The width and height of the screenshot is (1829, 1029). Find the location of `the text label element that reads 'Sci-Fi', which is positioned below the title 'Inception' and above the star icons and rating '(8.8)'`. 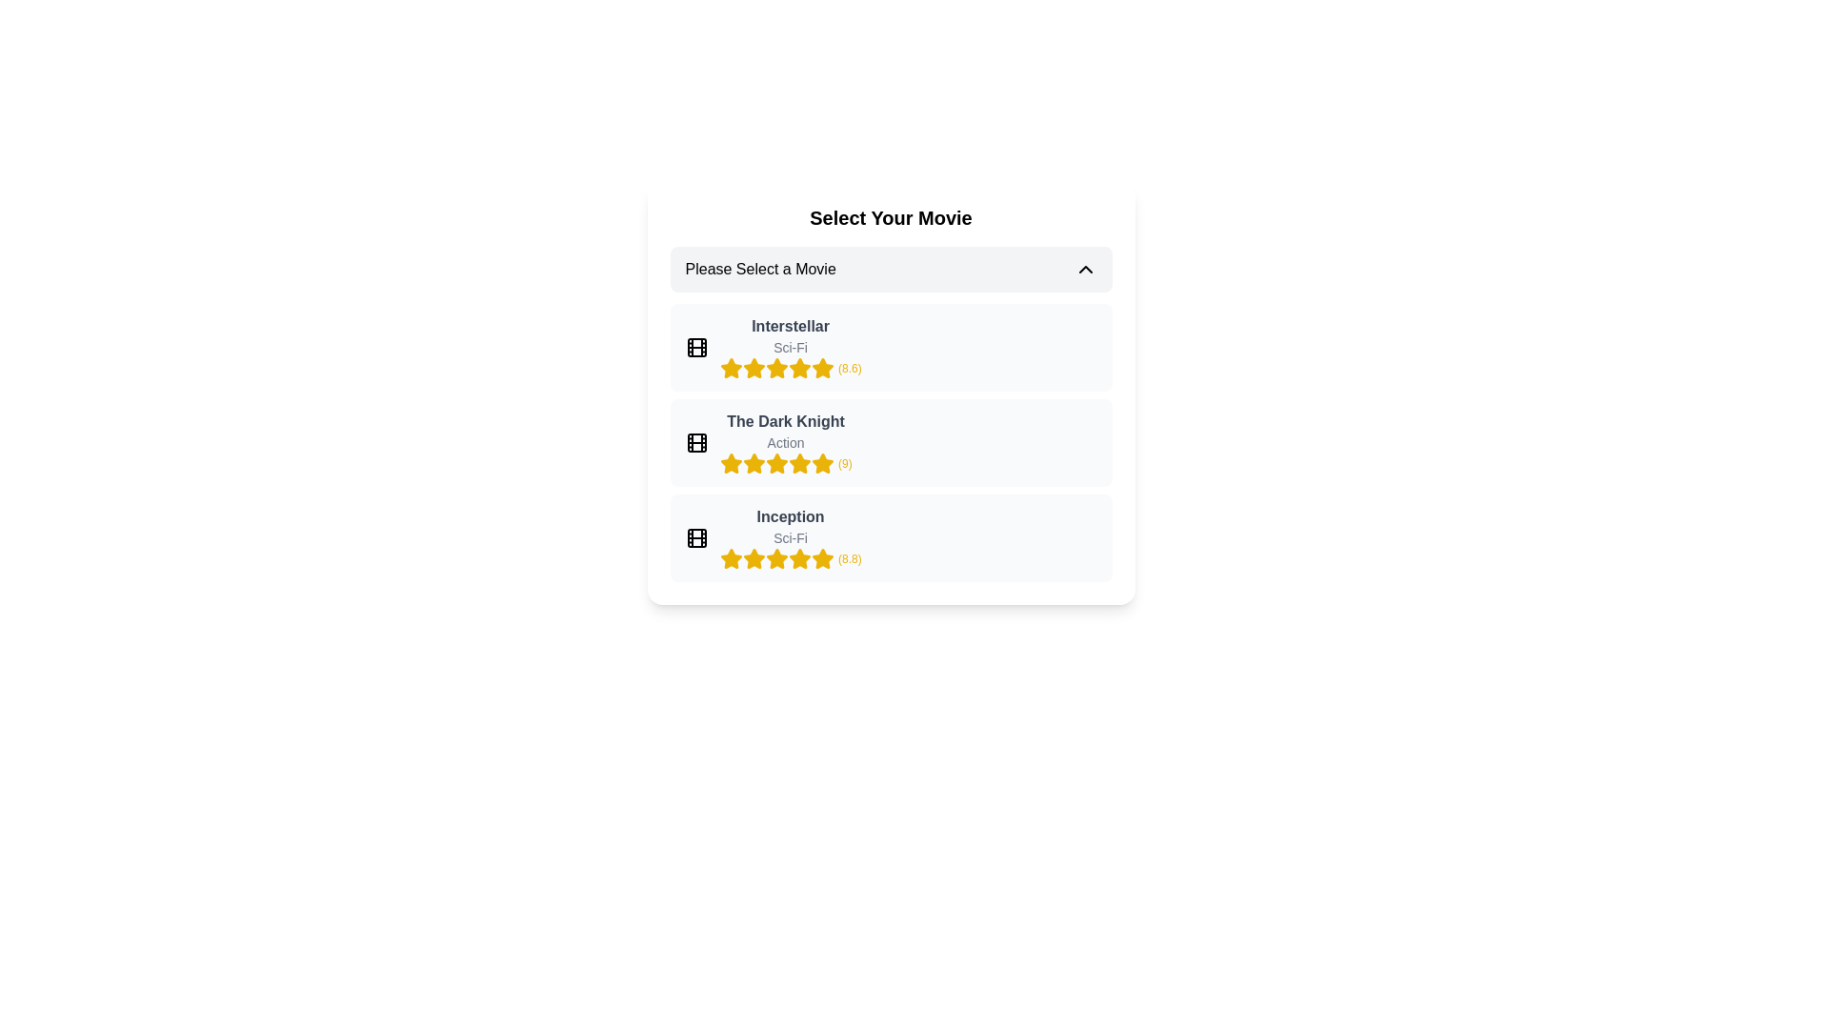

the text label element that reads 'Sci-Fi', which is positioned below the title 'Inception' and above the star icons and rating '(8.8)' is located at coordinates (791, 537).